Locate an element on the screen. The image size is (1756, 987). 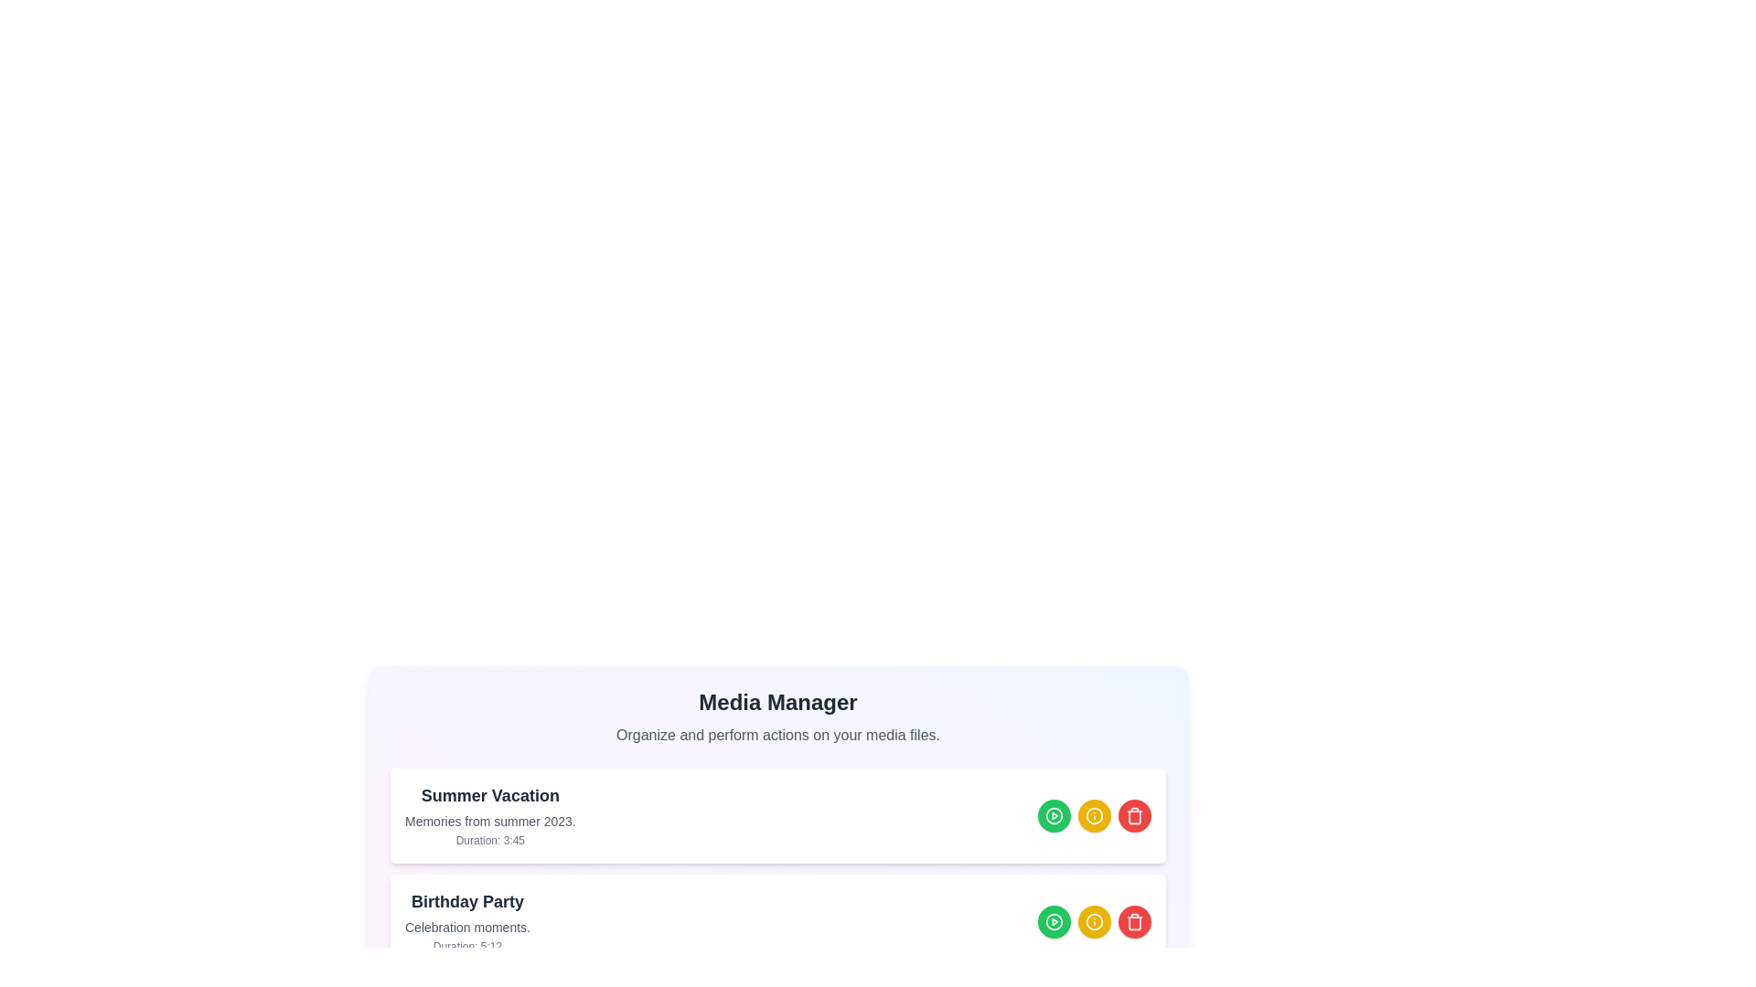
the delete button for the media item titled Summer Vacation is located at coordinates (1134, 815).